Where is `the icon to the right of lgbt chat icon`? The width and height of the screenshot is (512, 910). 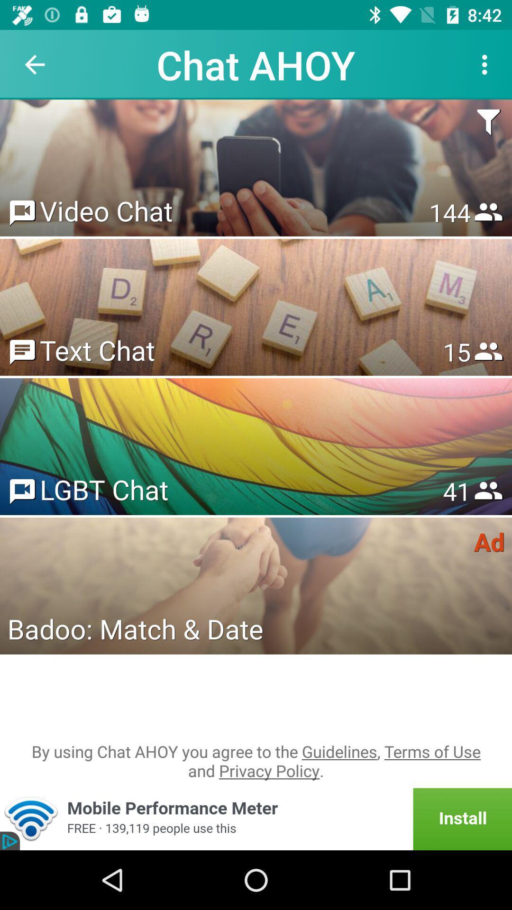 the icon to the right of lgbt chat icon is located at coordinates (456, 491).